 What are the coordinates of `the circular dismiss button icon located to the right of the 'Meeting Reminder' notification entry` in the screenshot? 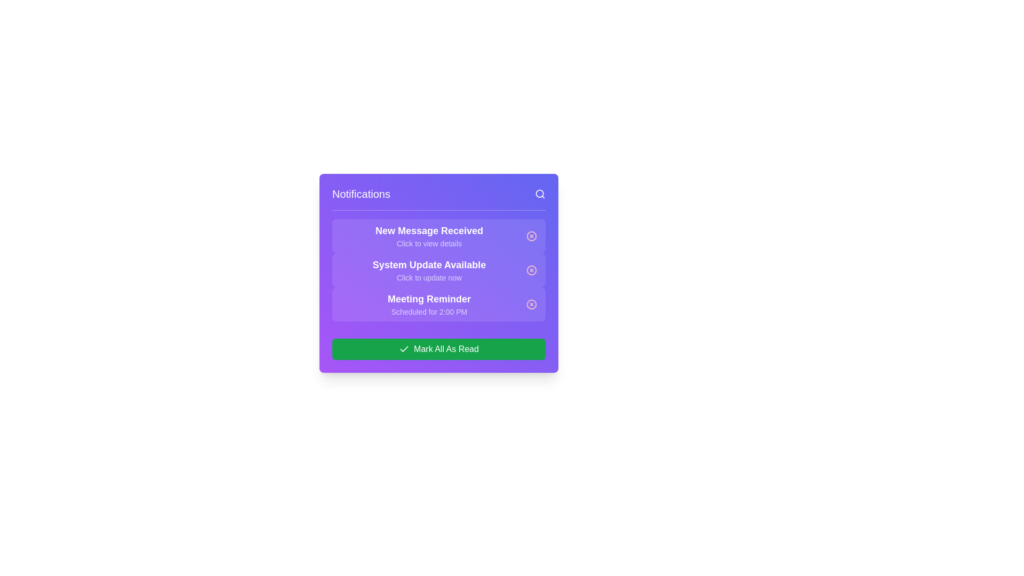 It's located at (532, 304).